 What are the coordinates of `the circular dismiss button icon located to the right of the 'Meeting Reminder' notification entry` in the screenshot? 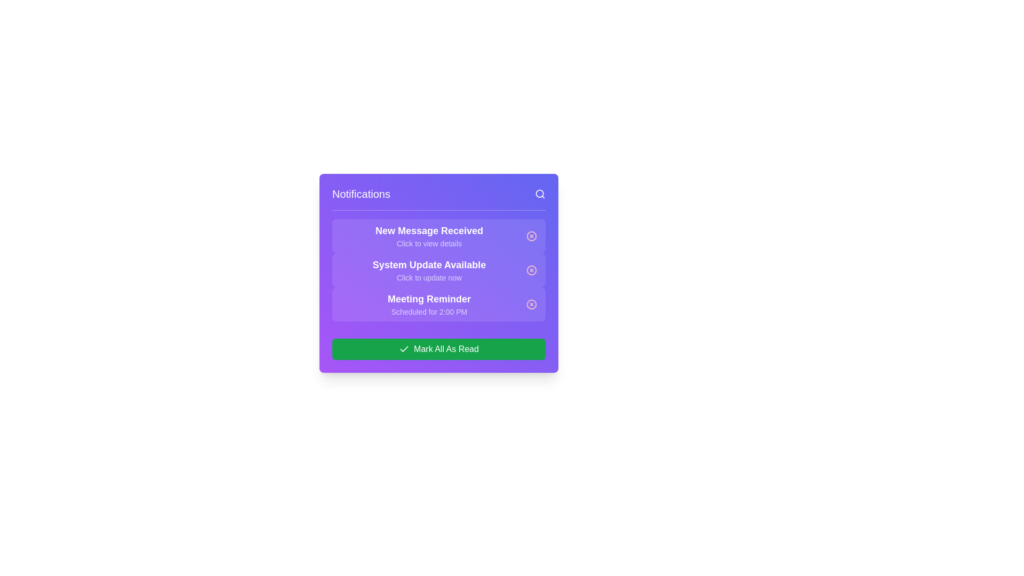 It's located at (532, 304).